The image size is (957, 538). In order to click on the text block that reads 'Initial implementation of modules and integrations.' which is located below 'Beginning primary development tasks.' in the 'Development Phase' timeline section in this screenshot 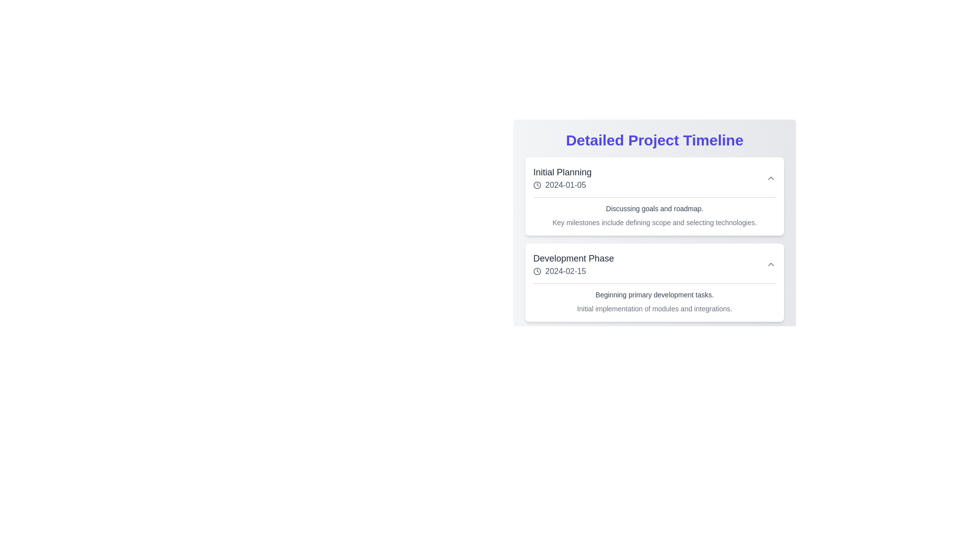, I will do `click(654, 308)`.